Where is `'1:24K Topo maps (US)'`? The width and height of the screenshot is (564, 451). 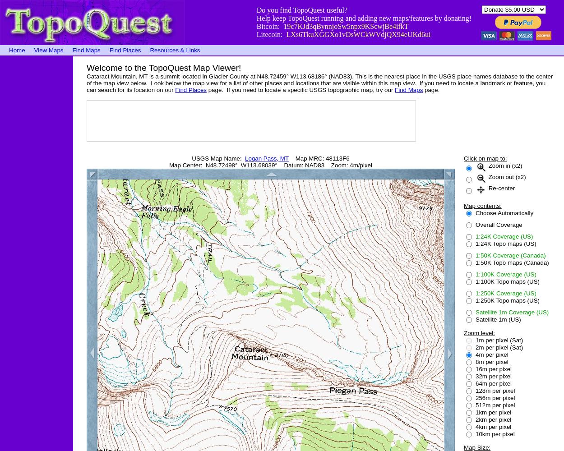 '1:24K Topo maps (US)' is located at coordinates (476, 243).